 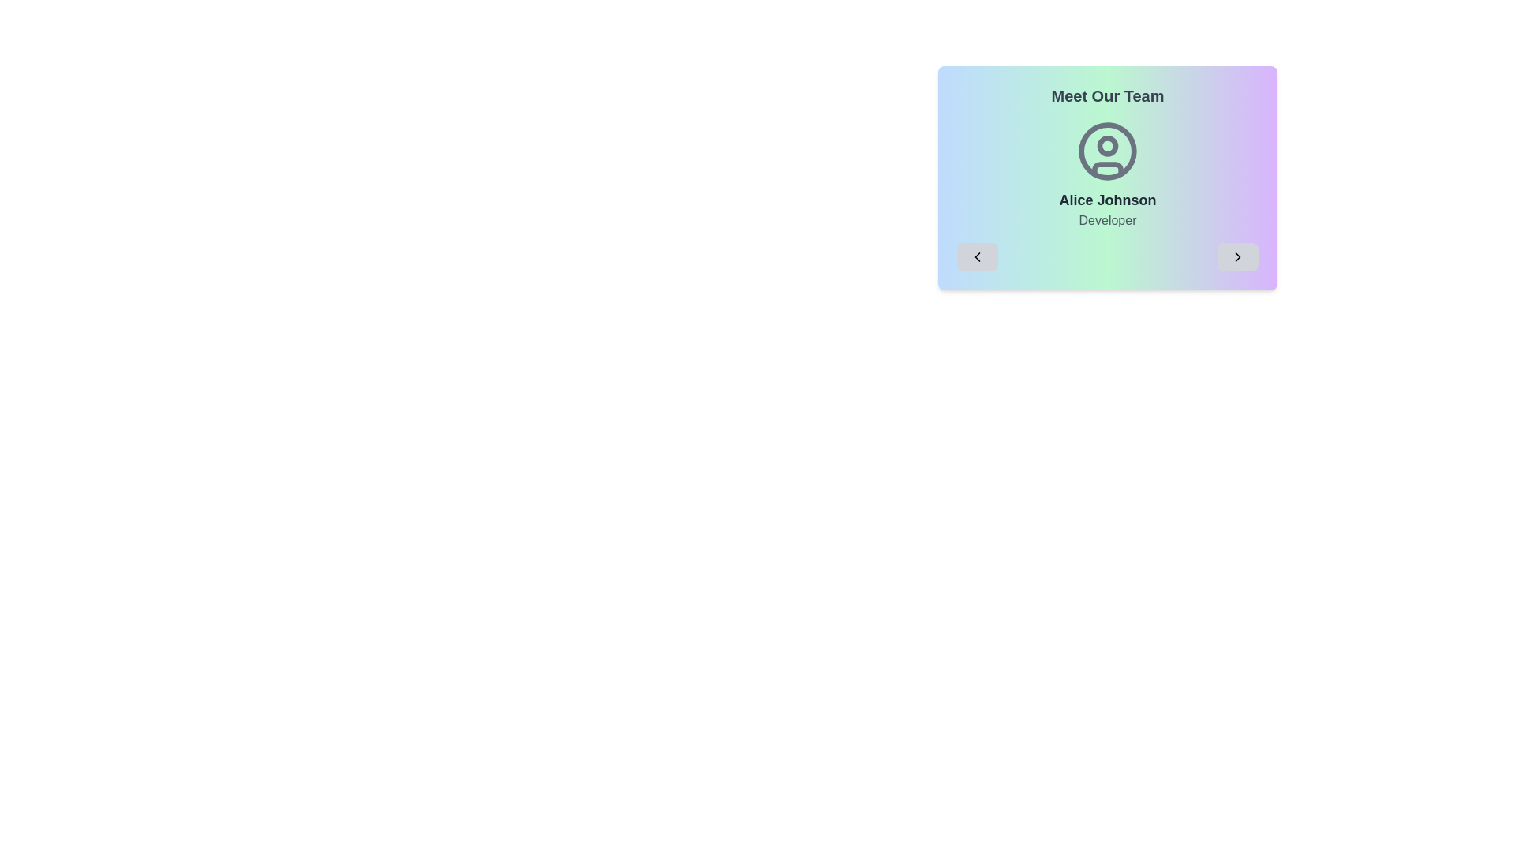 I want to click on associated name and title of the user represented by the icon of 'Alice Johnson' located in the 'Meet Our Team' card, which is centrally positioned above the text 'Alice Johnson' and 'Developer', so click(x=1106, y=151).